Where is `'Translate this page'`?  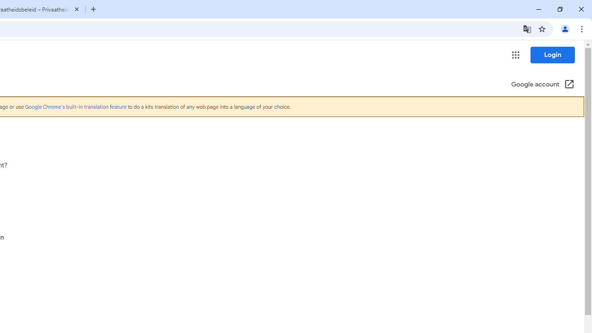 'Translate this page' is located at coordinates (527, 28).